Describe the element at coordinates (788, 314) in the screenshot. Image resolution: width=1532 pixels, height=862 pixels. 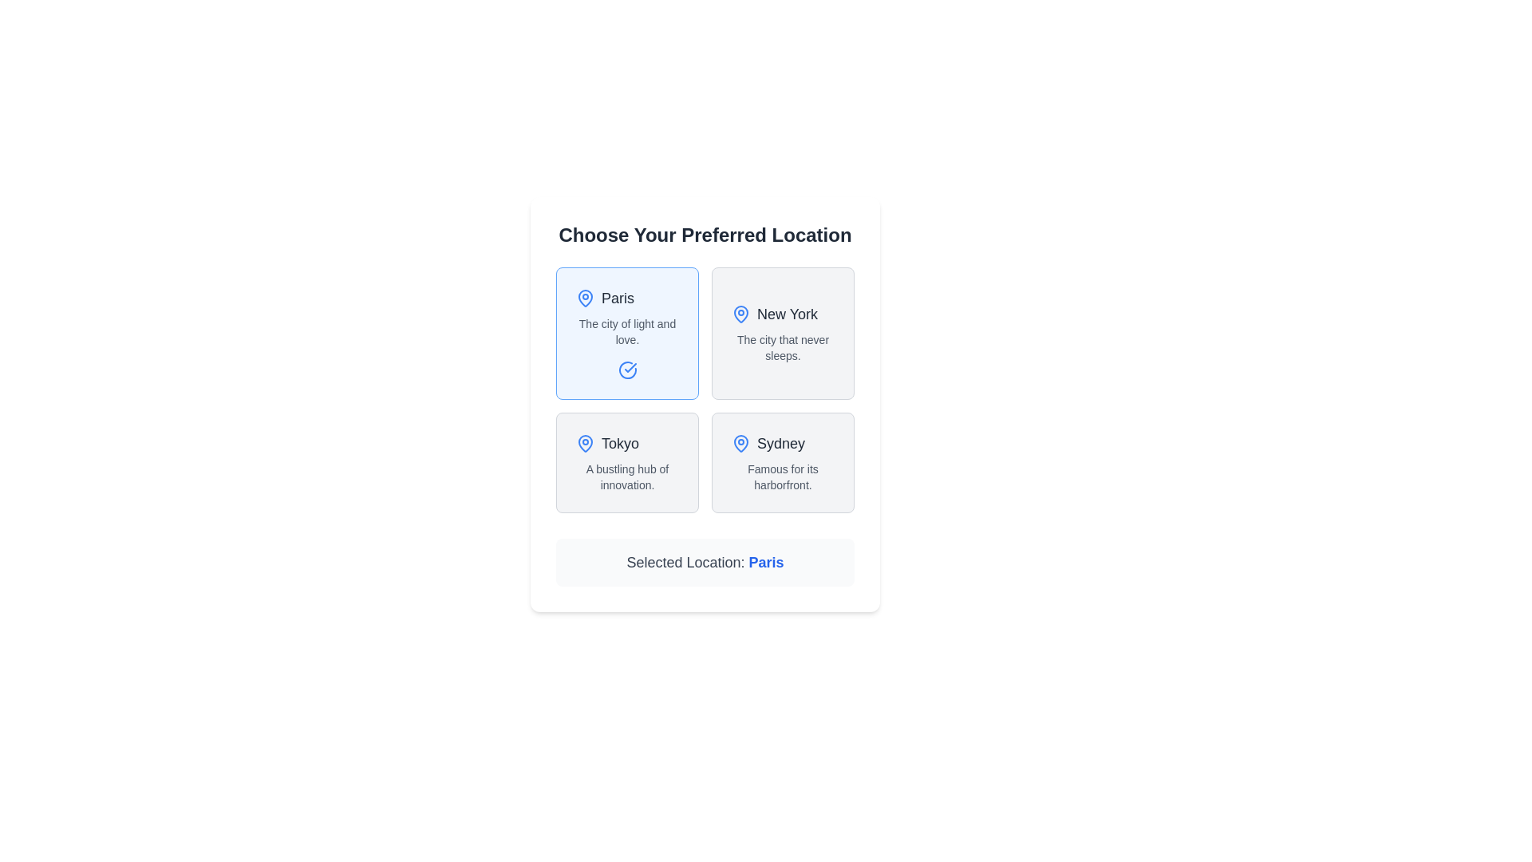
I see `text label that identifies the city of New York, located in the top-right option of the four-option grid` at that location.